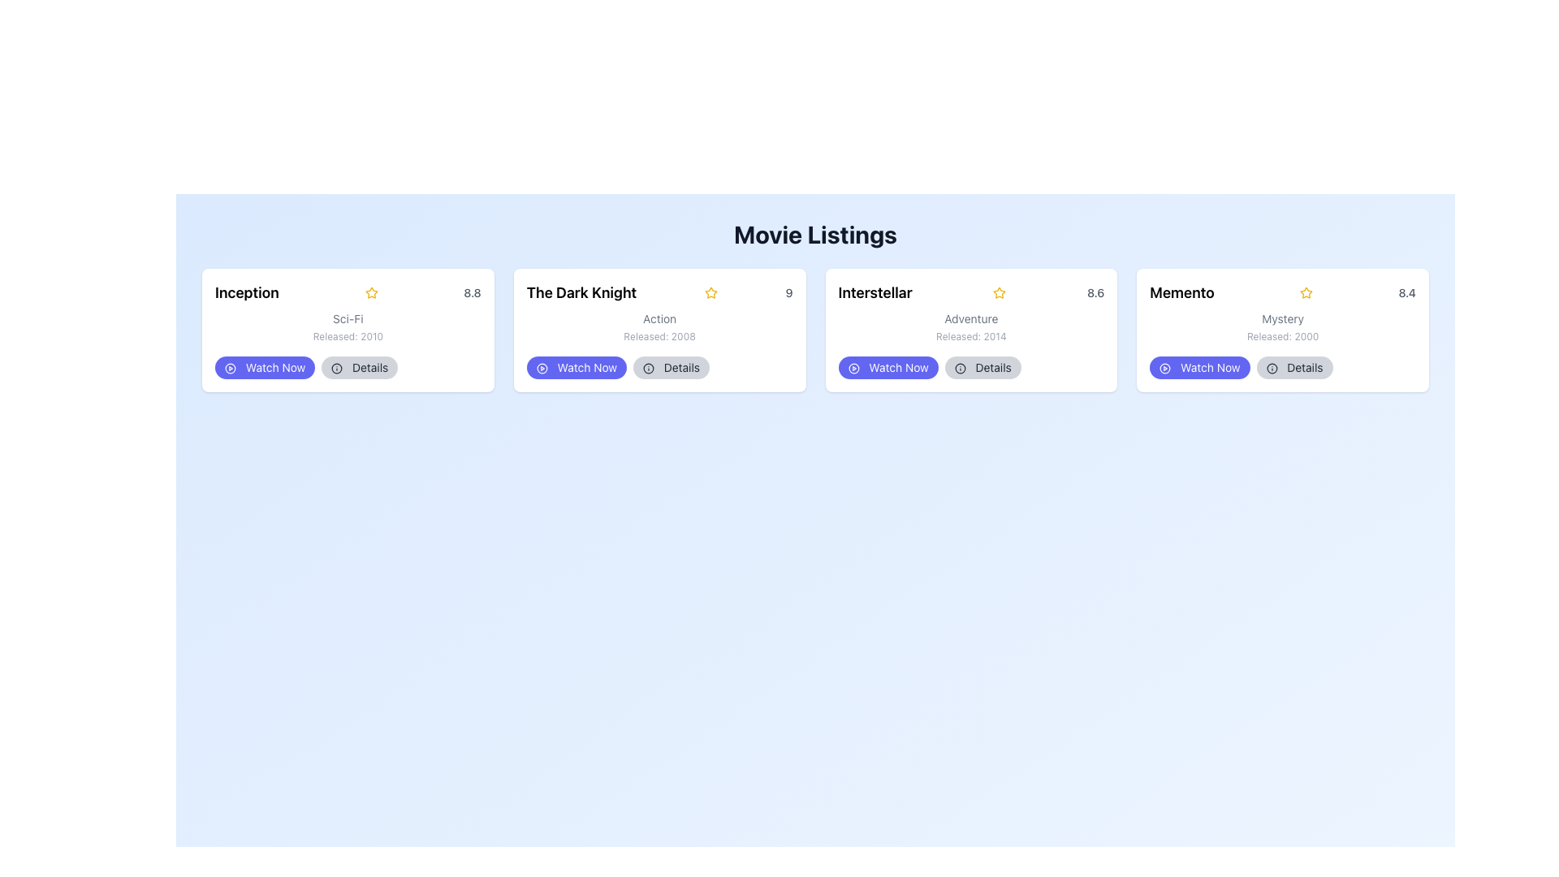 The width and height of the screenshot is (1559, 877). What do you see at coordinates (347, 336) in the screenshot?
I see `the text label displaying the release year of the movie 'Inception', which is located directly below the genre label 'Sci-Fi' and is the third line of text in the card` at bounding box center [347, 336].